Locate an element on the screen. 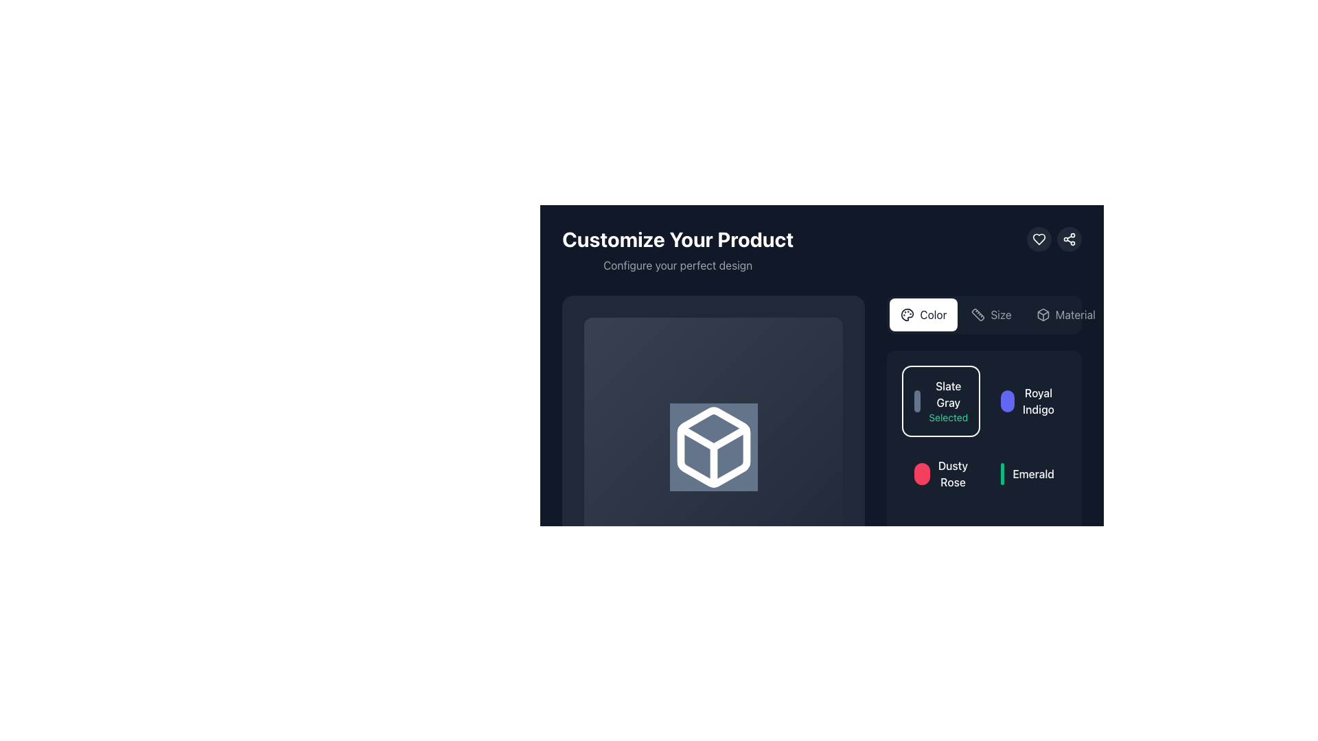 The height and width of the screenshot is (741, 1318). the 'Size' button, which is labeled with the text 'Size' and has an icon resembling a ruler is located at coordinates (991, 315).